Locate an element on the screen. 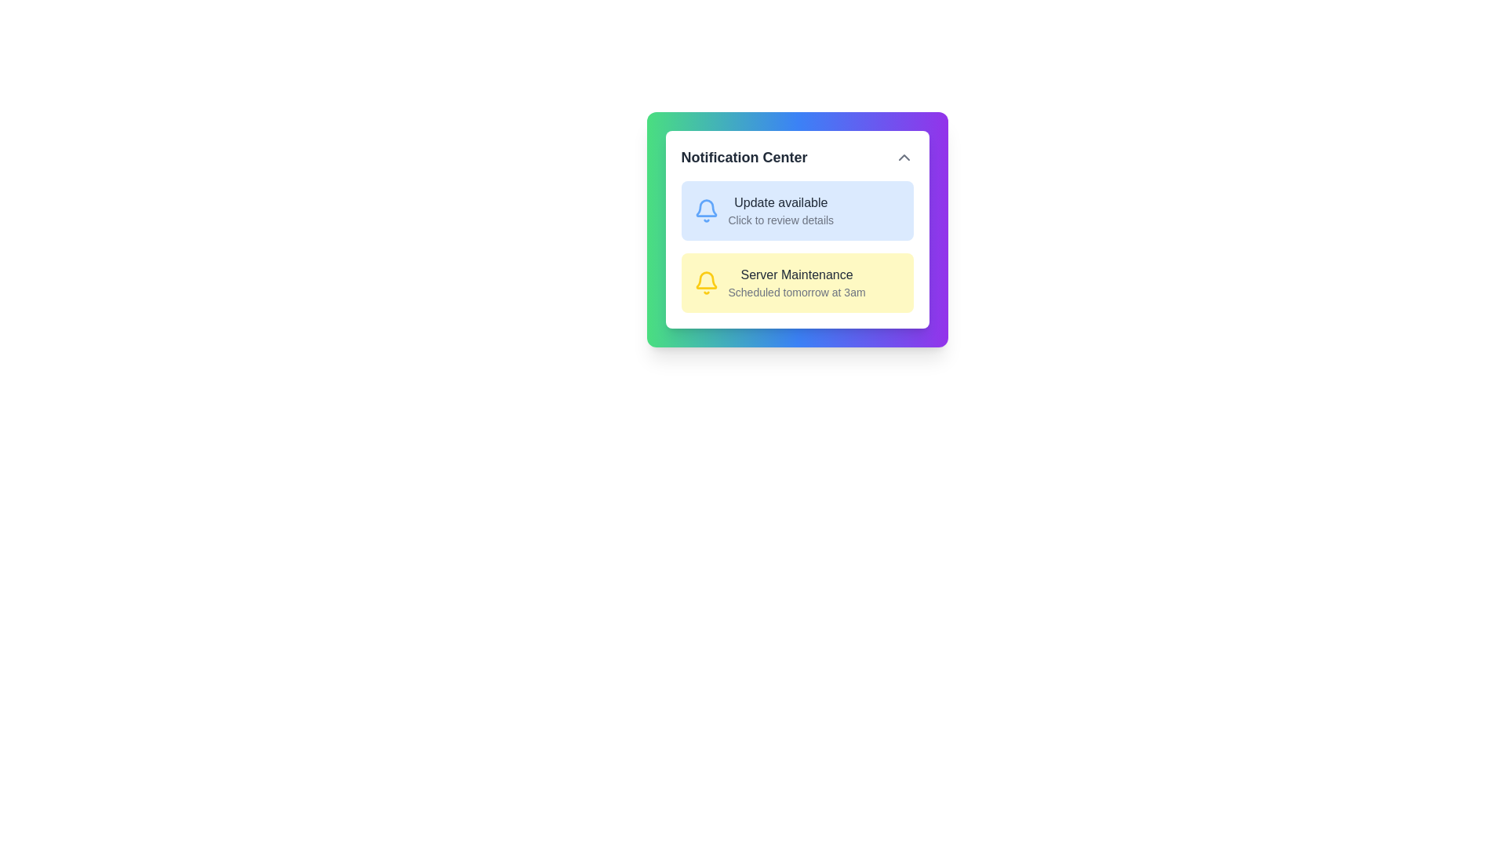 This screenshot has width=1506, height=847. the gray text label located below the bold title 'Server Maintenance' within the yellow-highlighted notification box in the Notification Center interface is located at coordinates (797, 293).